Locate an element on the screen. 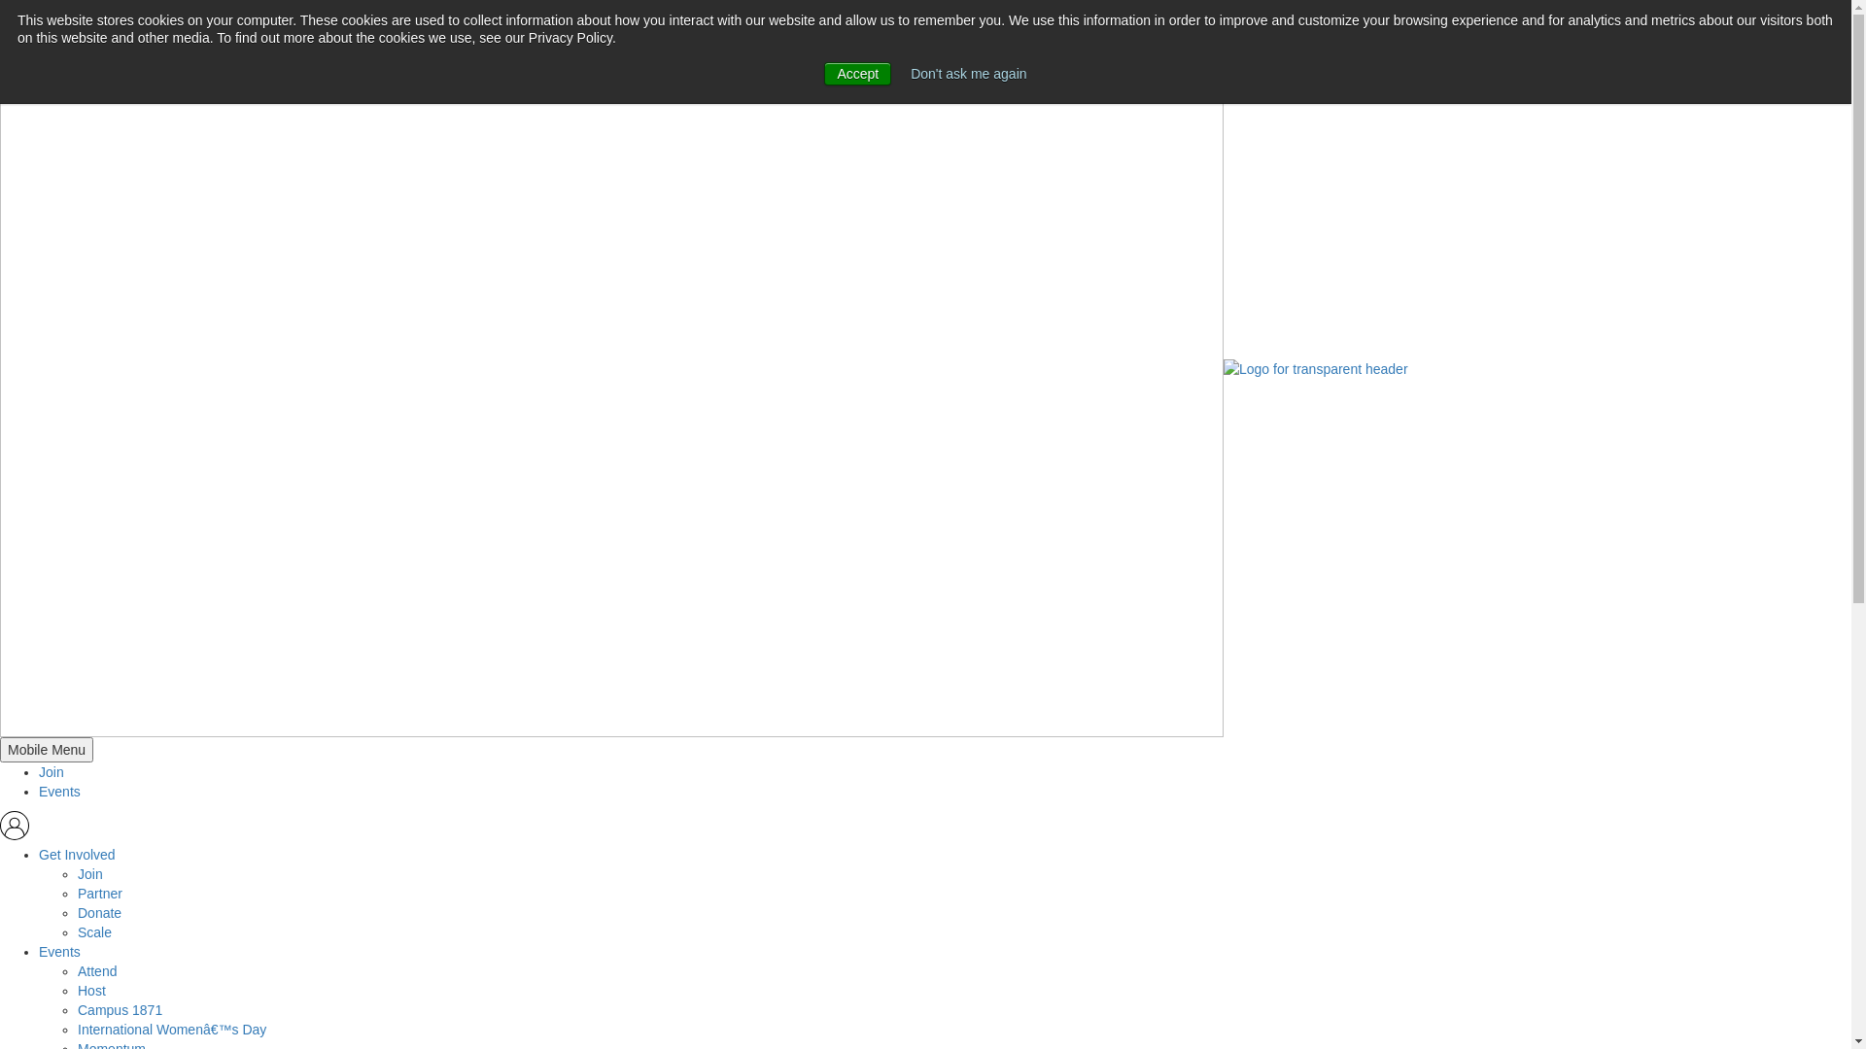 The width and height of the screenshot is (1866, 1049). 'Join' is located at coordinates (51, 770).